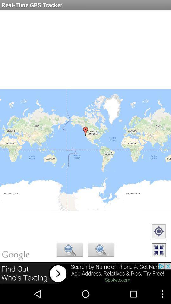 The height and width of the screenshot is (304, 171). Describe the element at coordinates (158, 248) in the screenshot. I see `the location_crosshair icon` at that location.